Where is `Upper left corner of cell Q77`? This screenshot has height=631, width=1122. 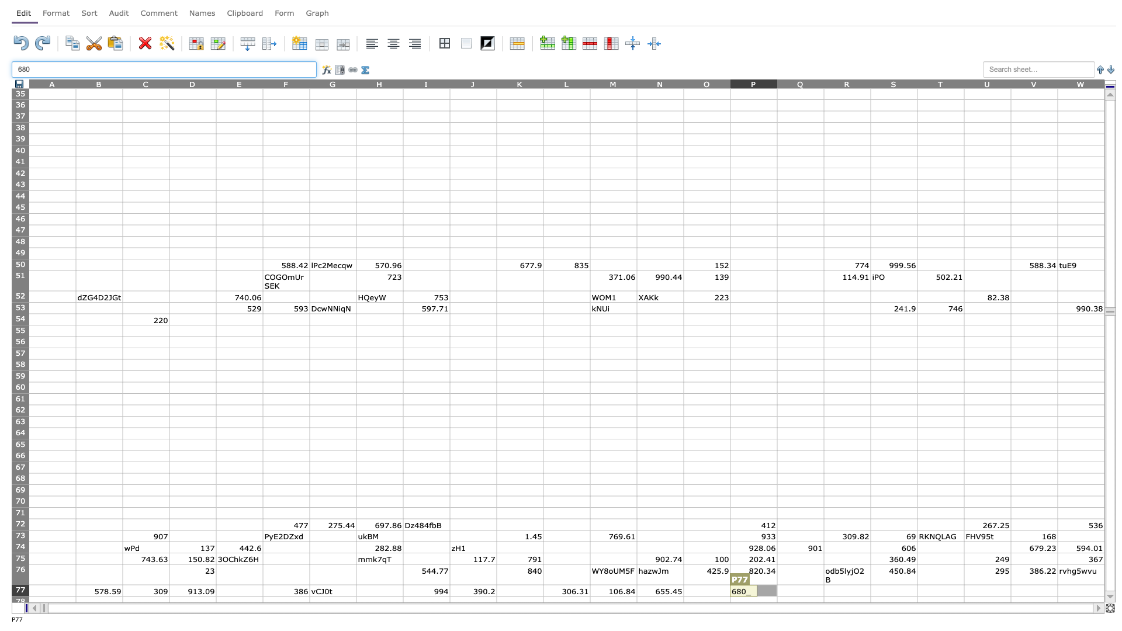 Upper left corner of cell Q77 is located at coordinates (777, 585).